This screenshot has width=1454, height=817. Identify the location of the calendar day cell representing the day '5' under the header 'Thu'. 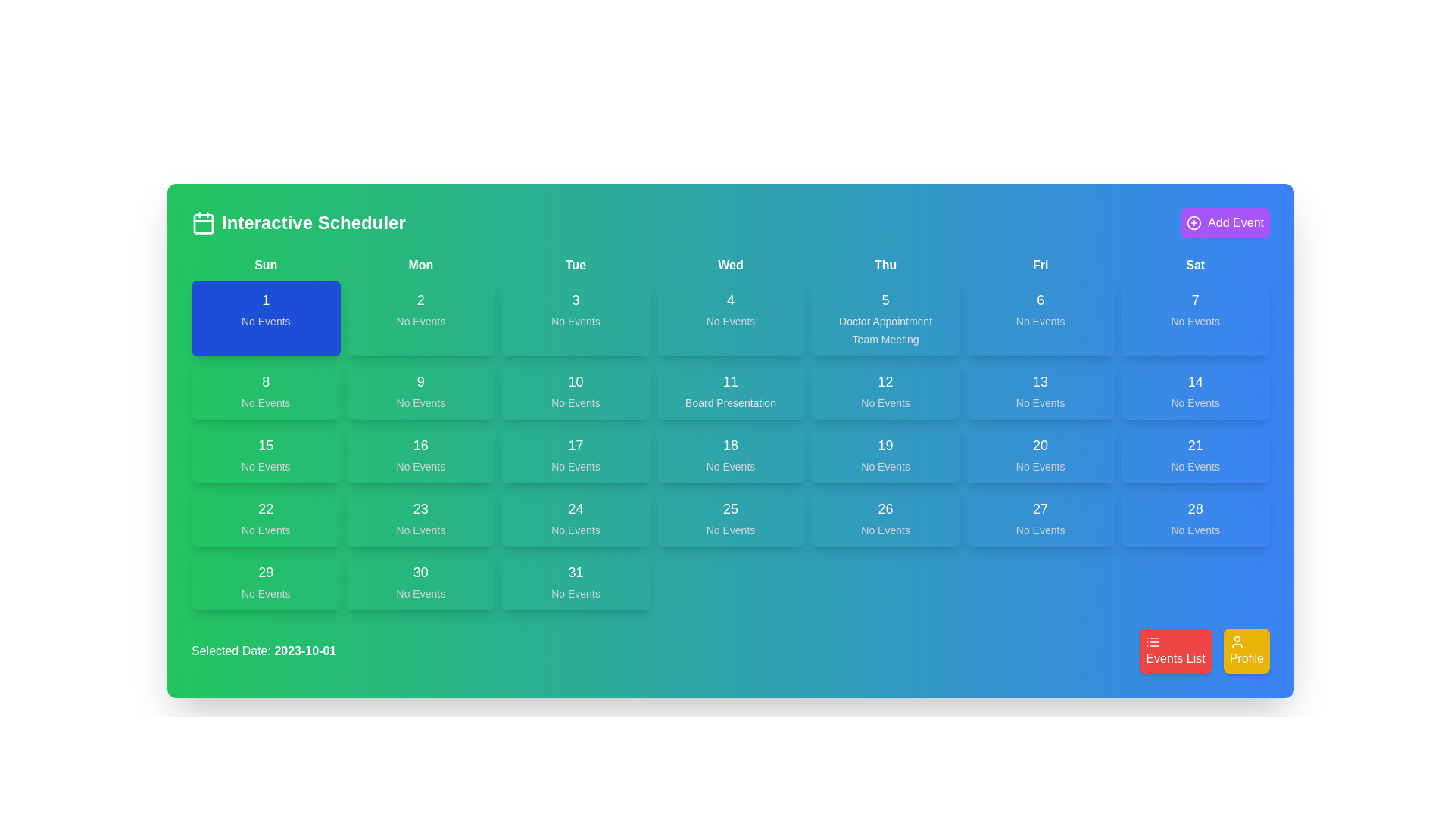
(885, 317).